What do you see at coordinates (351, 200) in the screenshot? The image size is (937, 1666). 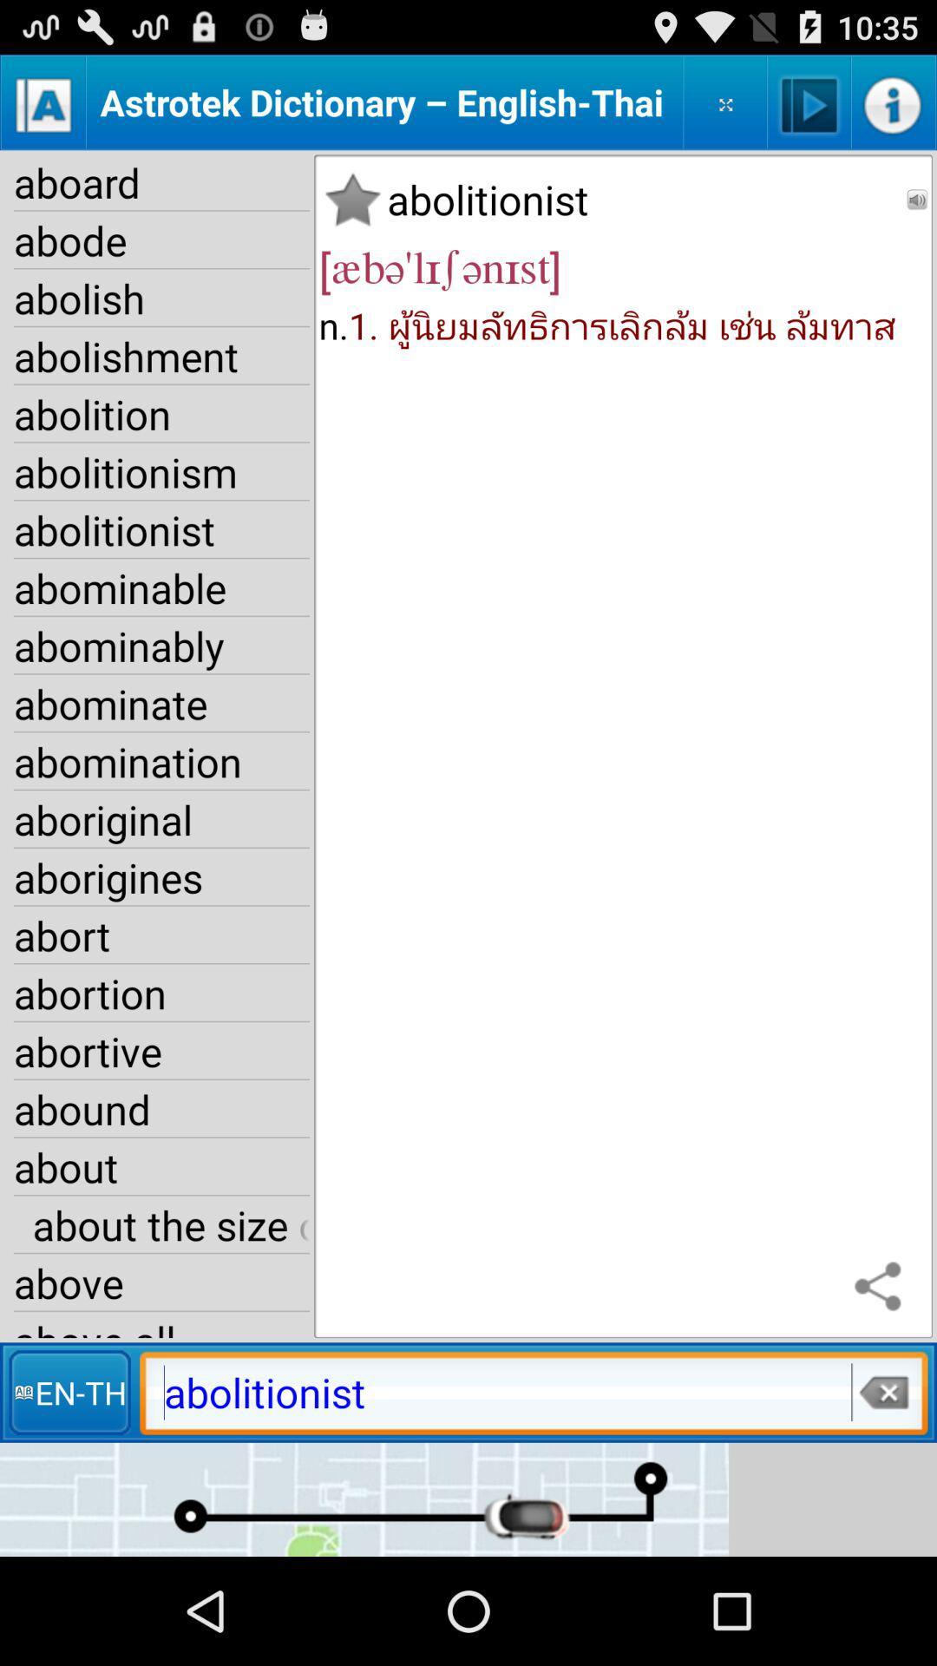 I see `app to the left of the abolitionist icon` at bounding box center [351, 200].